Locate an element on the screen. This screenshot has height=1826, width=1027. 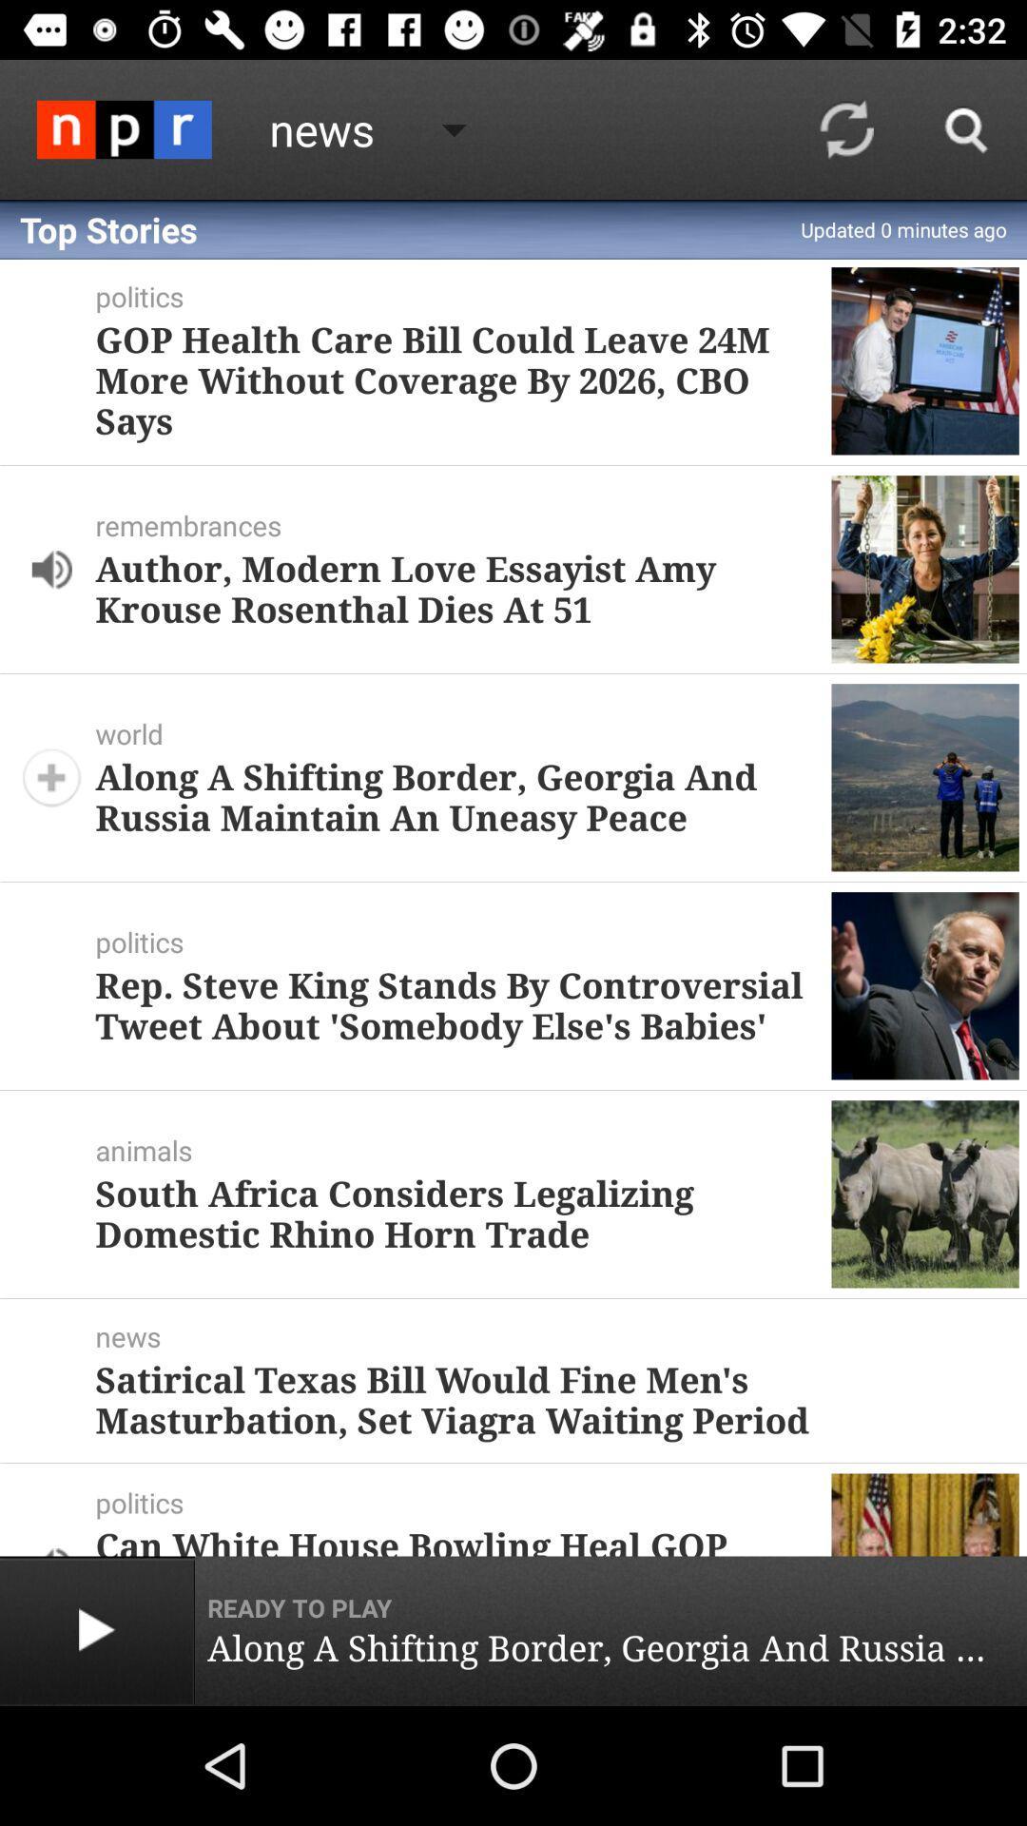
the satirical texas bill item is located at coordinates (550, 1399).